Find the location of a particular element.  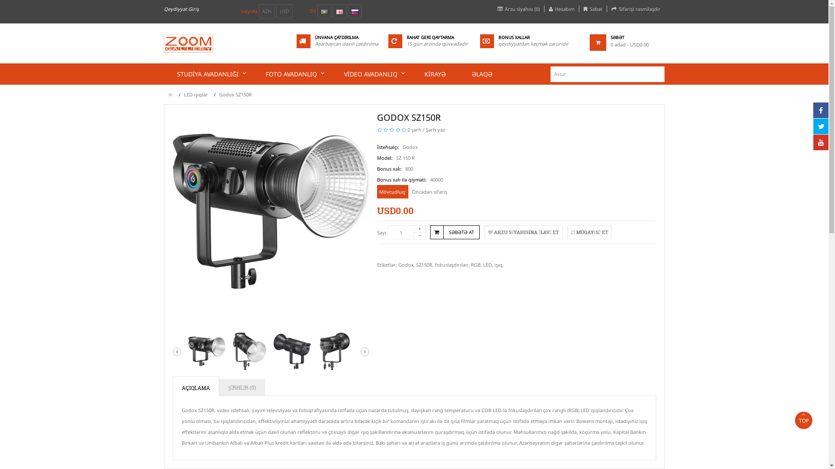

'Godox' is located at coordinates (405, 264).